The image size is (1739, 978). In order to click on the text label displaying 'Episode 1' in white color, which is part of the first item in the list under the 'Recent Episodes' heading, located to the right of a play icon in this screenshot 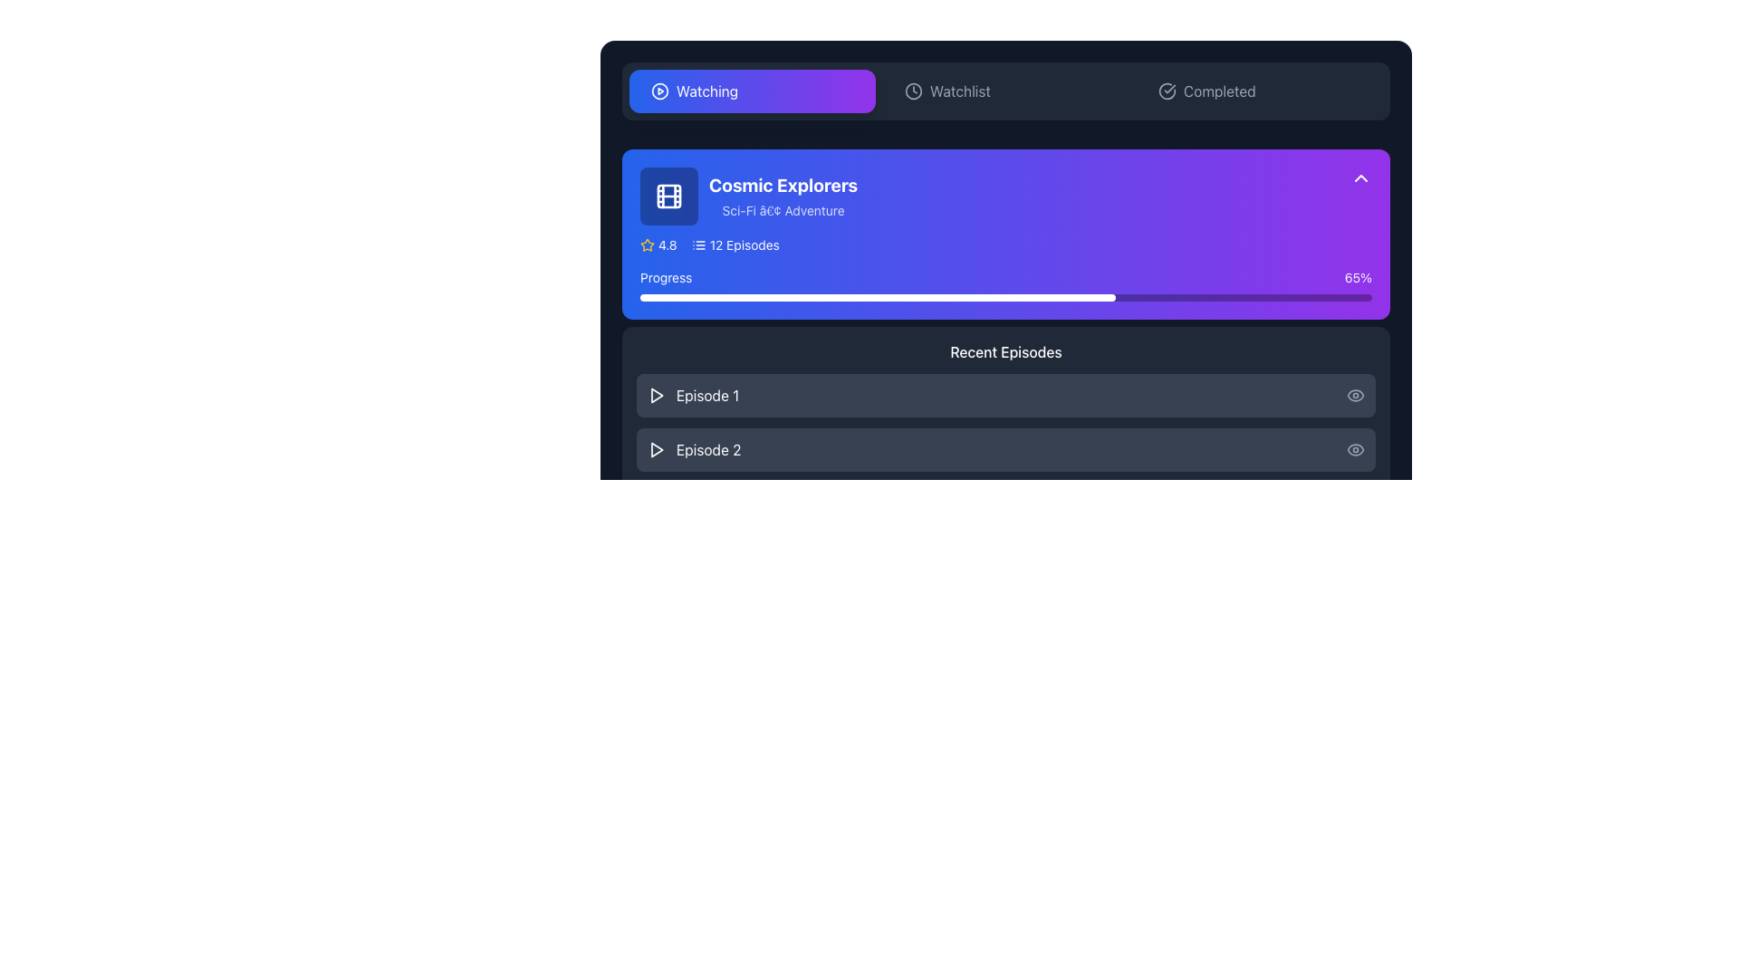, I will do `click(706, 394)`.